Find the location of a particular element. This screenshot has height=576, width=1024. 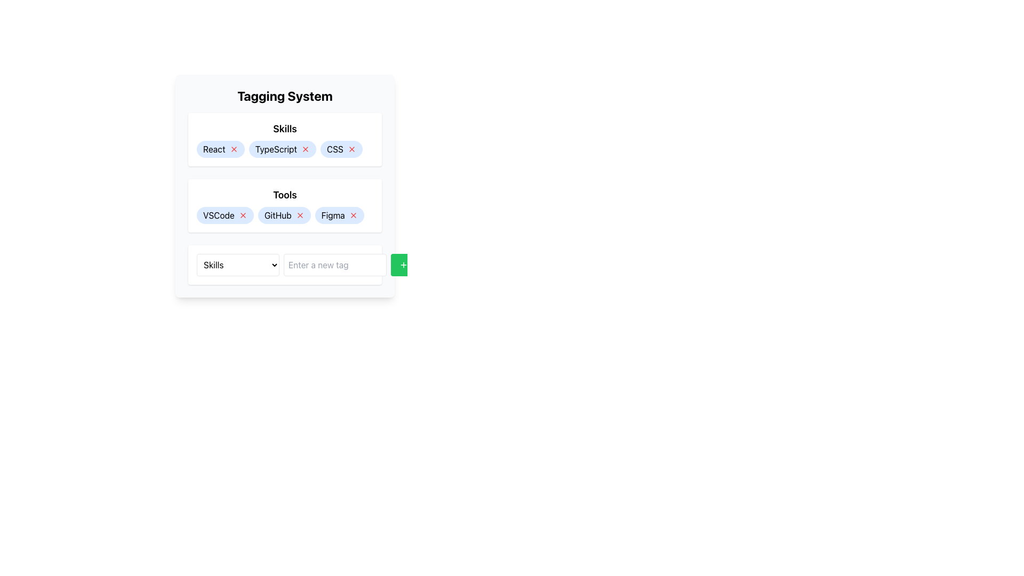

the text label reading 'VSCode', which is the first item in the 'Tools' group, styled in black on a light blue rounded background is located at coordinates (218, 215).